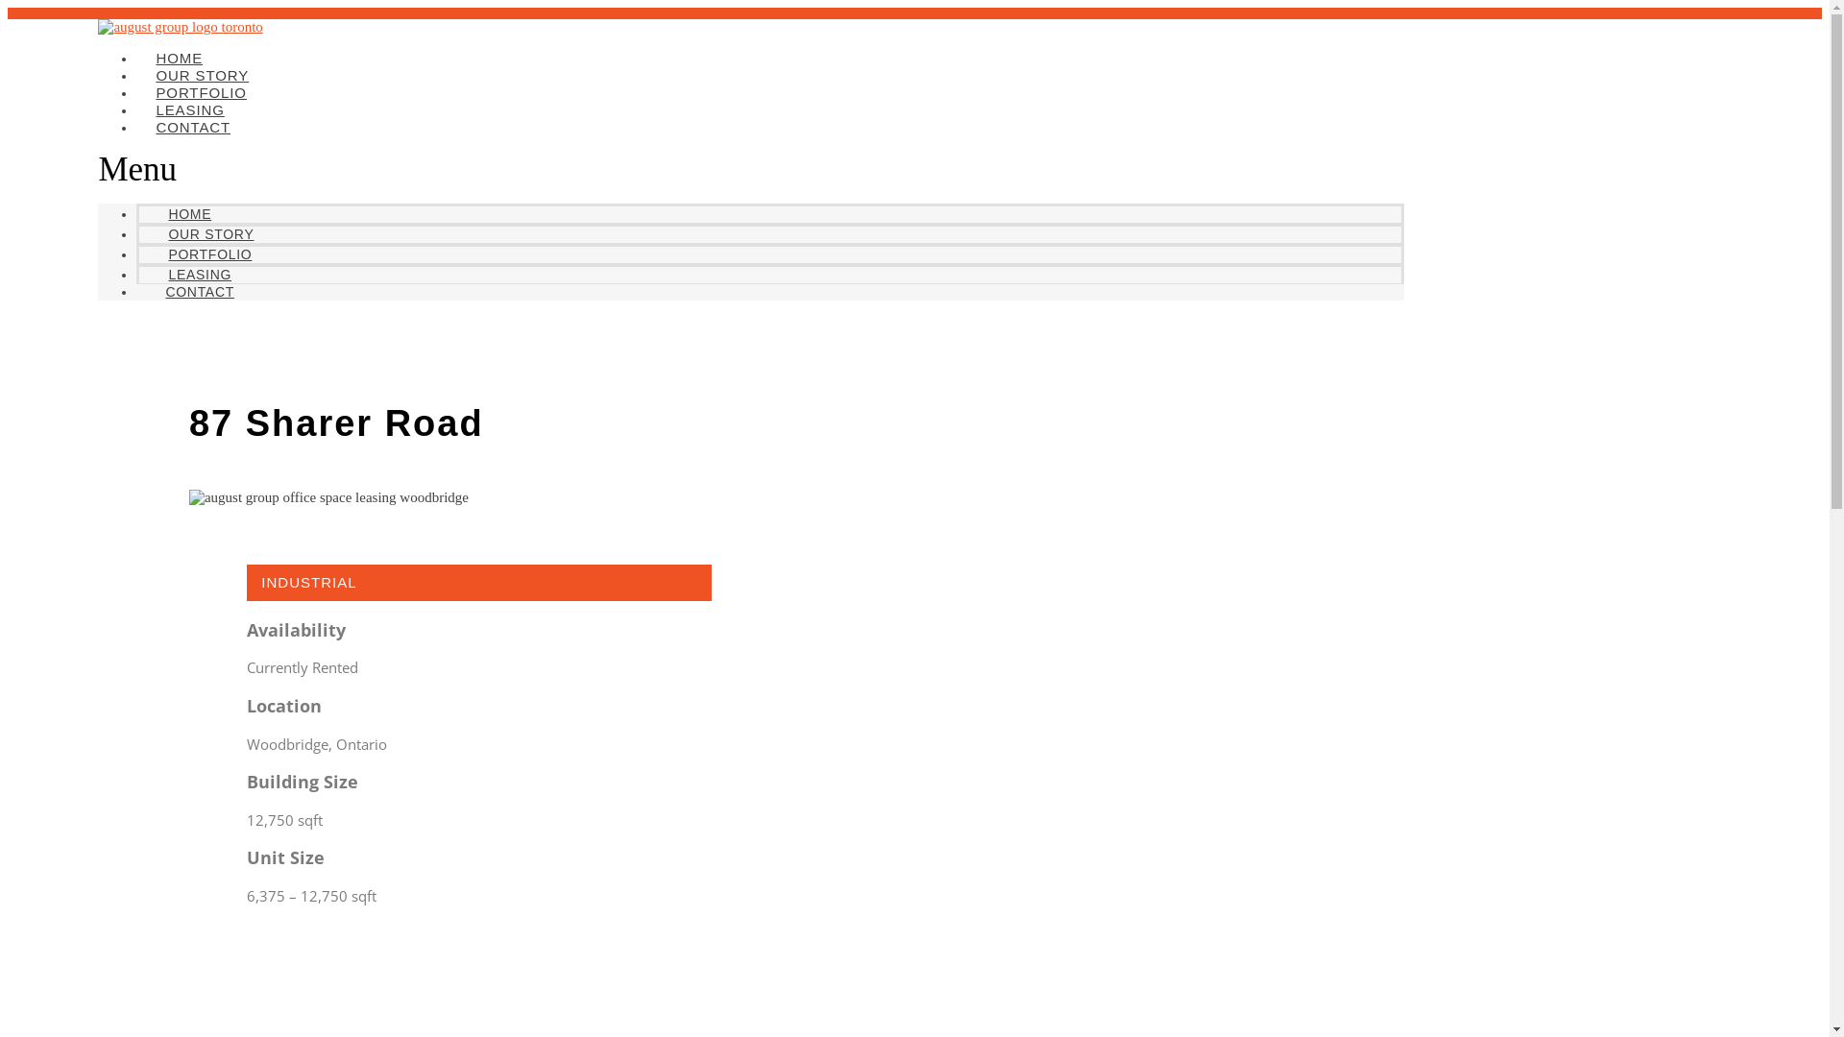  What do you see at coordinates (193, 127) in the screenshot?
I see `'CONTACT'` at bounding box center [193, 127].